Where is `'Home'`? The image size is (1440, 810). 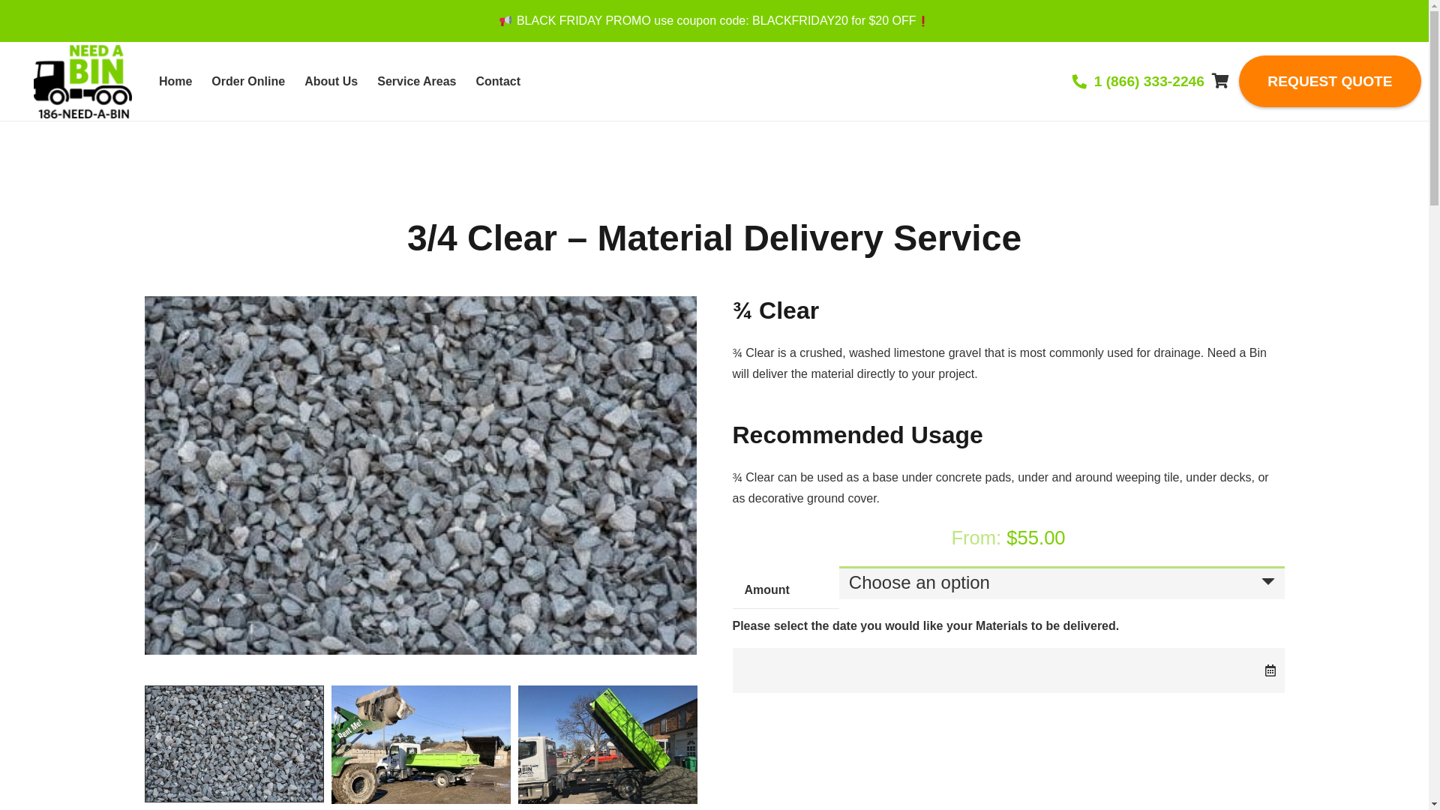 'Home' is located at coordinates (175, 81).